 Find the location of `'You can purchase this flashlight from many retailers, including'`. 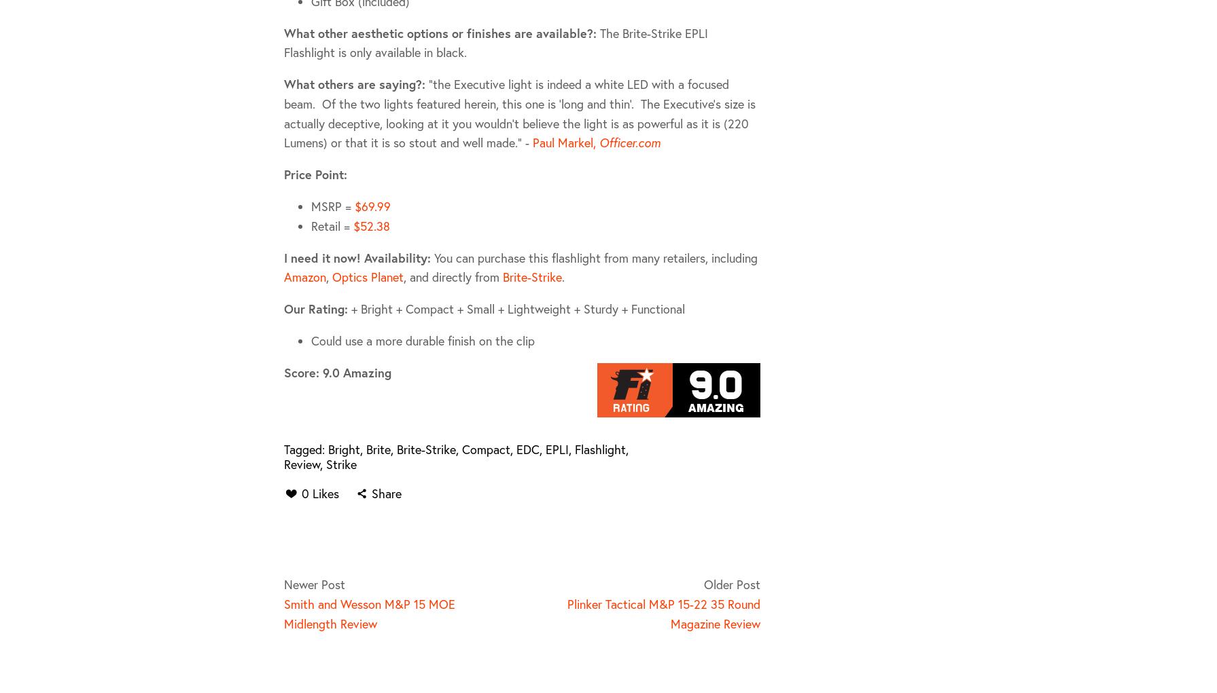

'You can purchase this flashlight from many retailers, including' is located at coordinates (593, 257).